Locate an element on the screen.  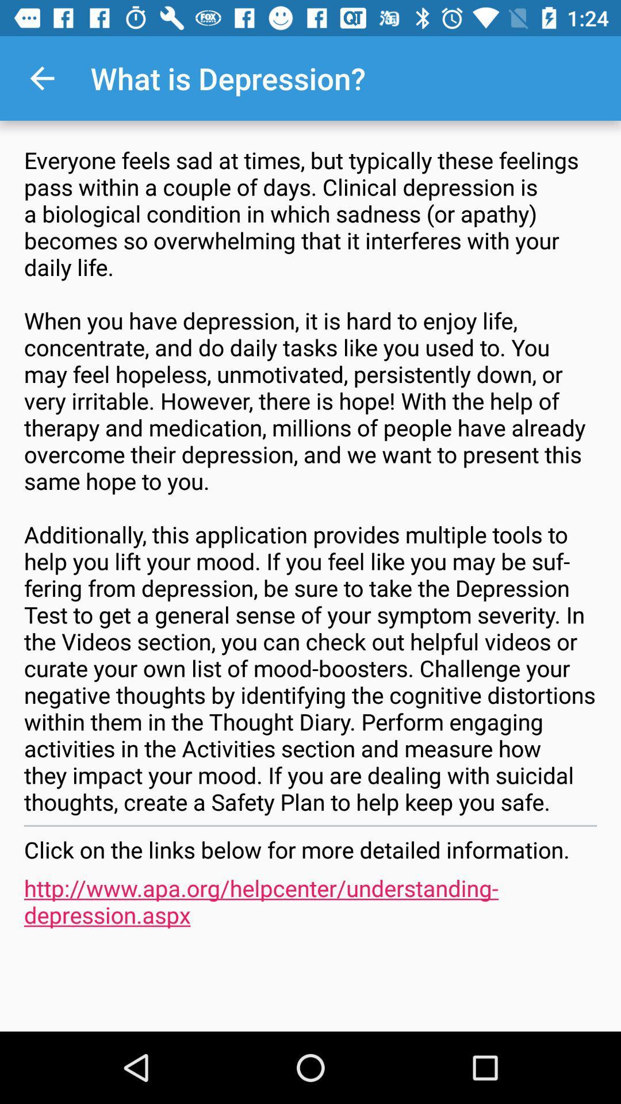
the http www apa app is located at coordinates (310, 900).